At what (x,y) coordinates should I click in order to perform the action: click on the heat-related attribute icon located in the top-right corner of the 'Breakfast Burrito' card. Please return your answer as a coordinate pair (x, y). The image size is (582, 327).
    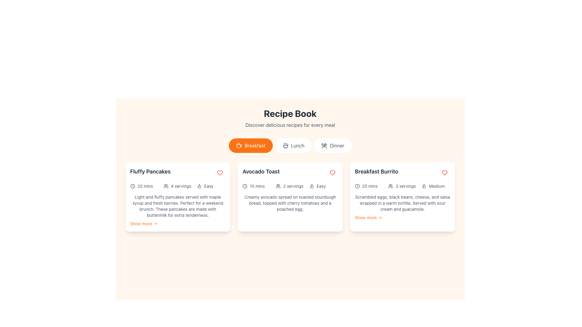
    Looking at the image, I should click on (424, 186).